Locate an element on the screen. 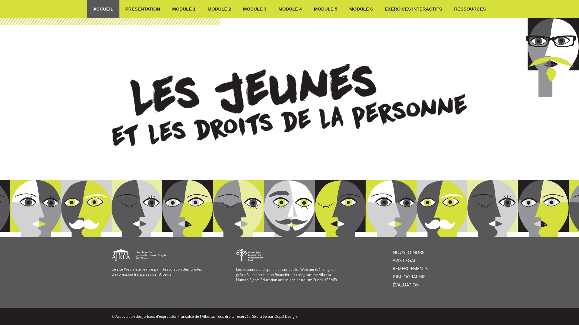 The width and height of the screenshot is (579, 325). 'Oops! Design.' is located at coordinates (274, 316).